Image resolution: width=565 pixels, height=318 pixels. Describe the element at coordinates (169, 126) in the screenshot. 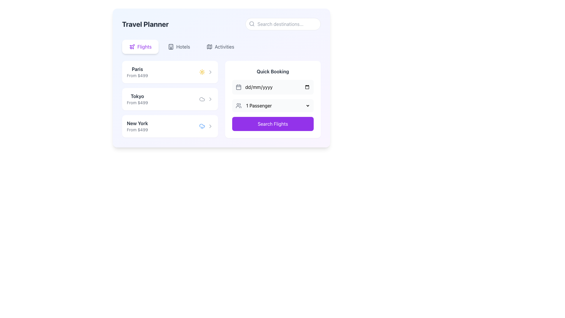

I see `the list item representing the destination 'New York'` at that location.